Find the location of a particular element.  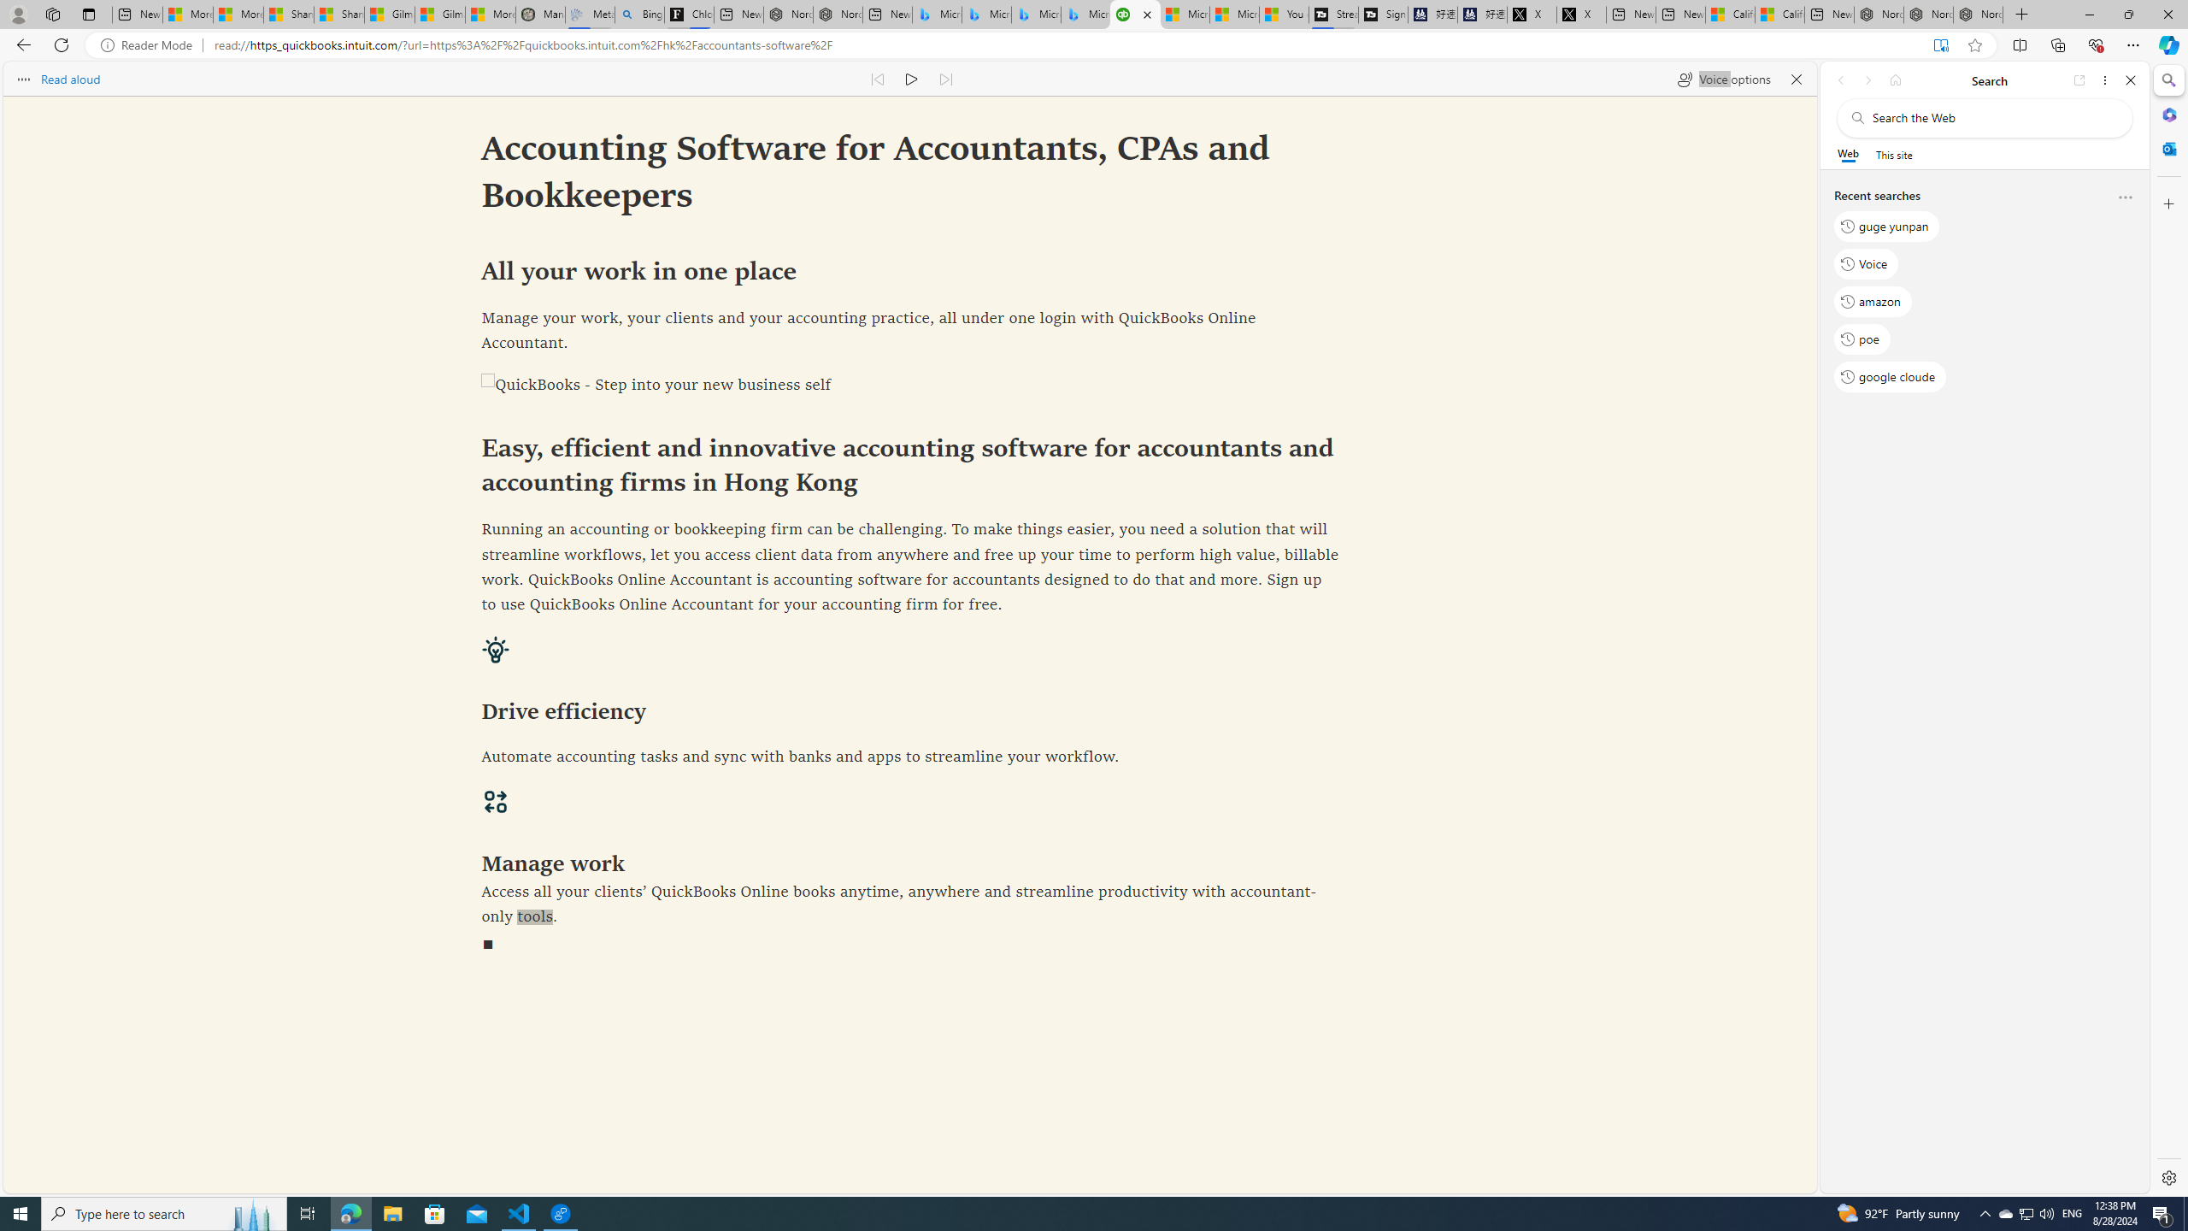

'This site scope' is located at coordinates (1892, 154).